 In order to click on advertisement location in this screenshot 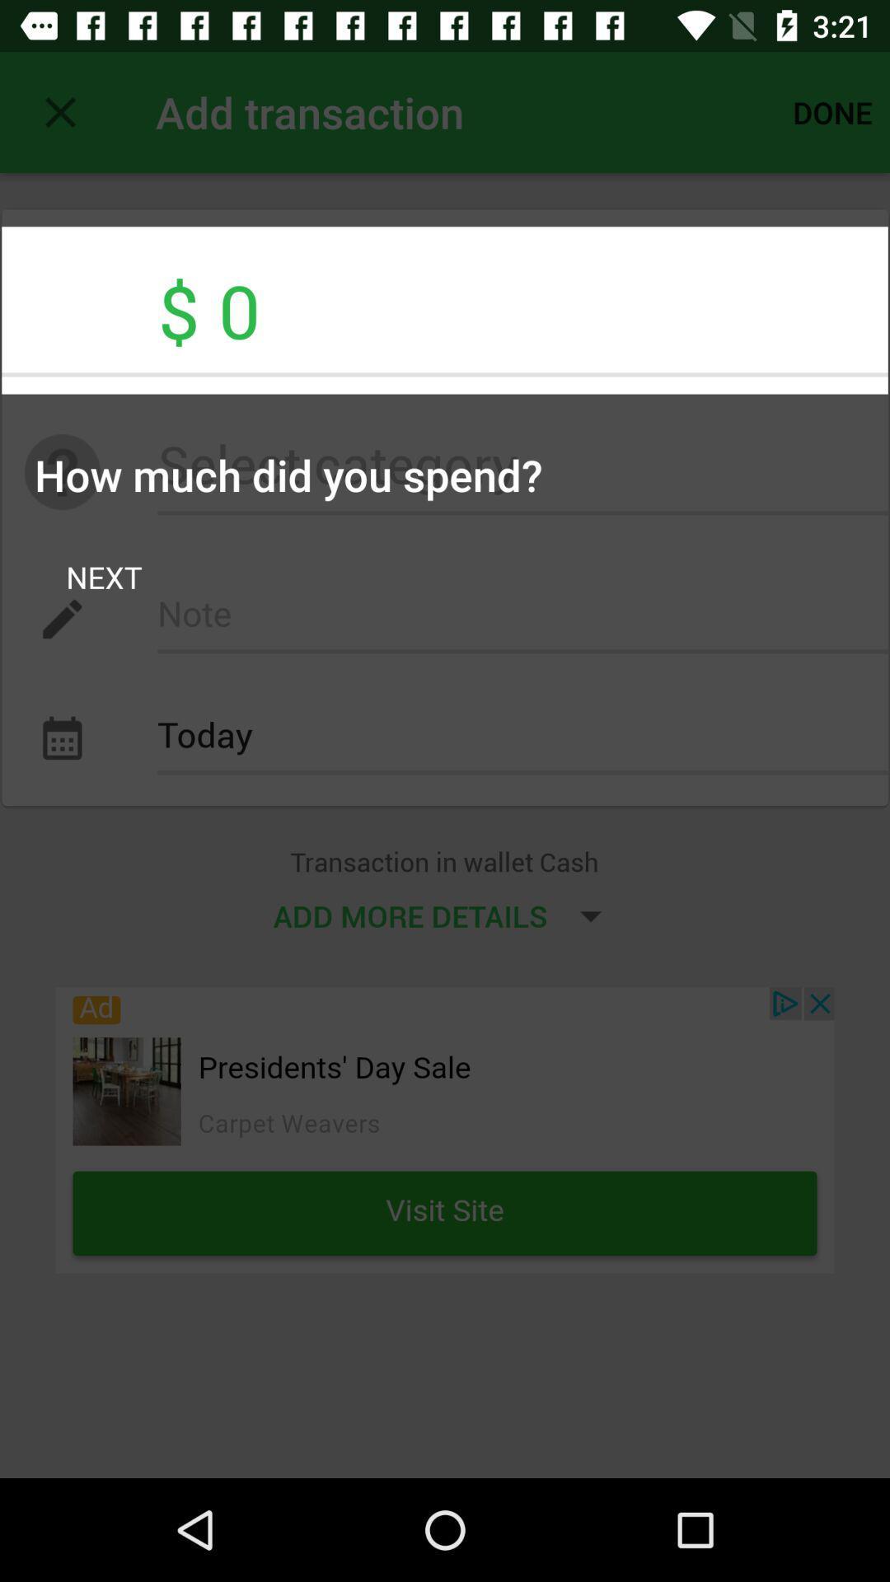, I will do `click(445, 1129)`.